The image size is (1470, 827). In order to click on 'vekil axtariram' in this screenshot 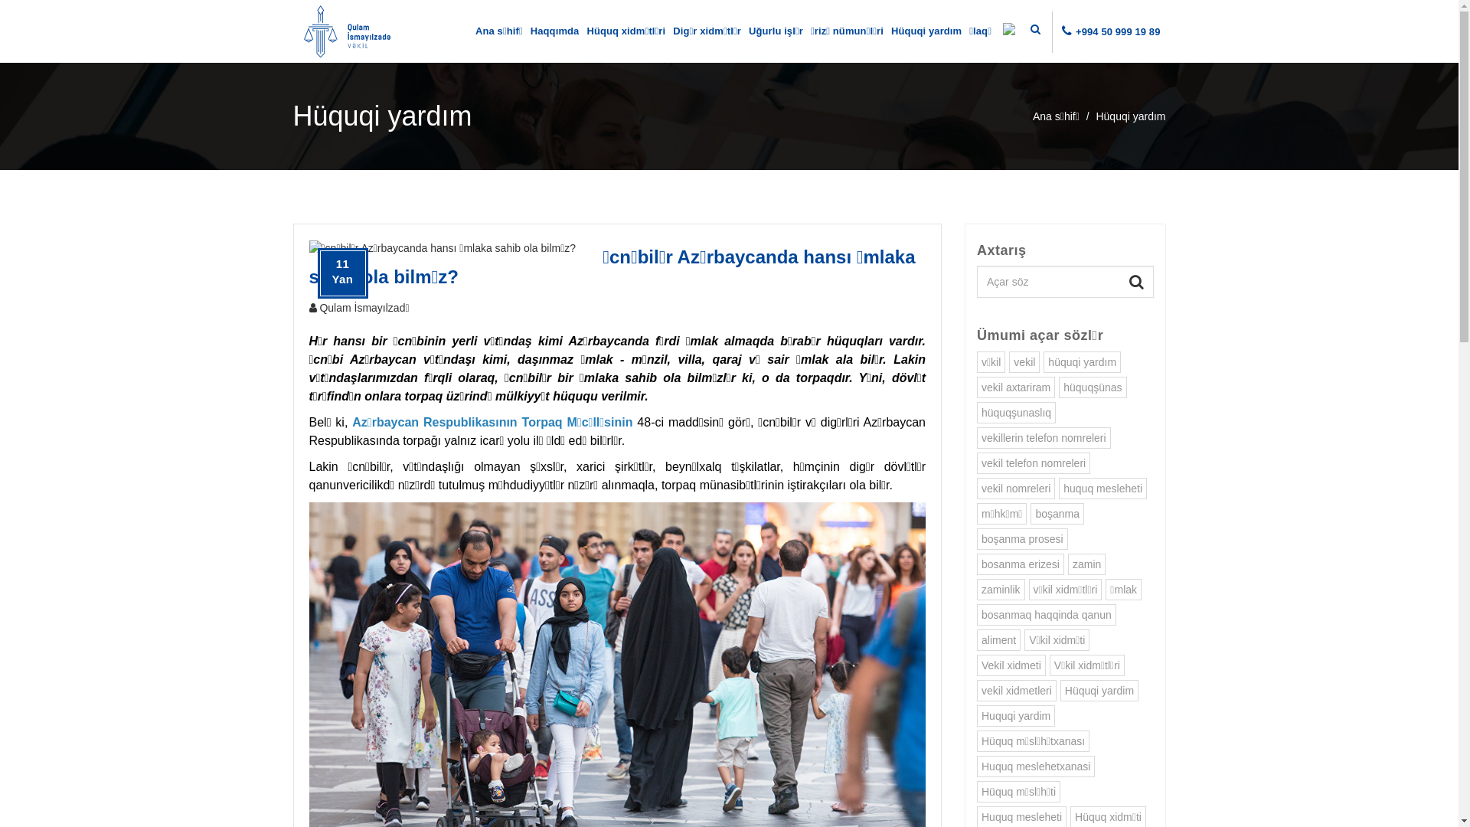, I will do `click(1015, 386)`.